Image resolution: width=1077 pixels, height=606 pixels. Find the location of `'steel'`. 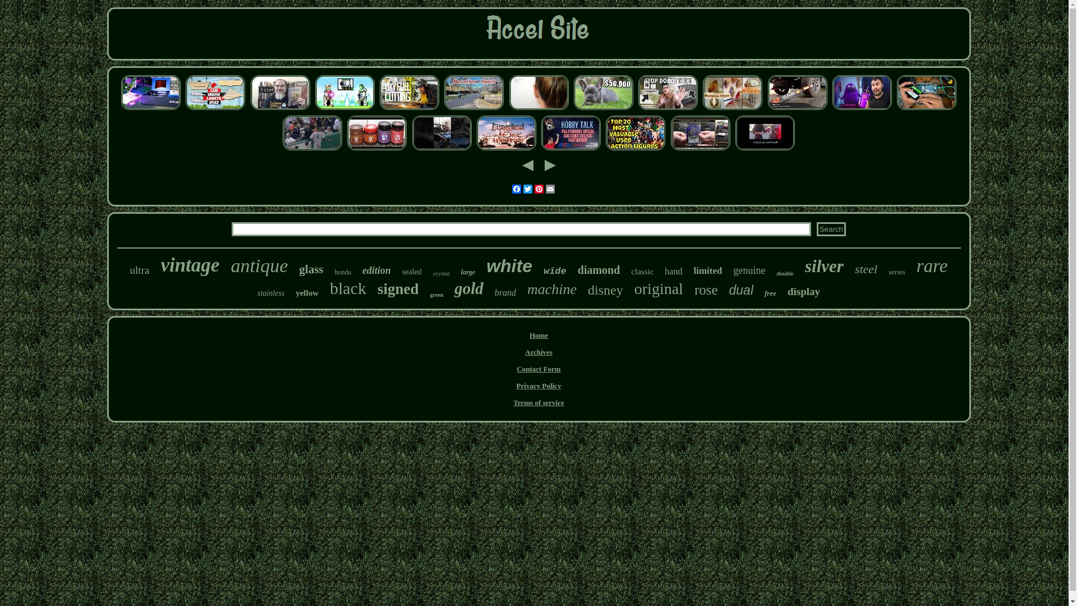

'steel' is located at coordinates (866, 269).